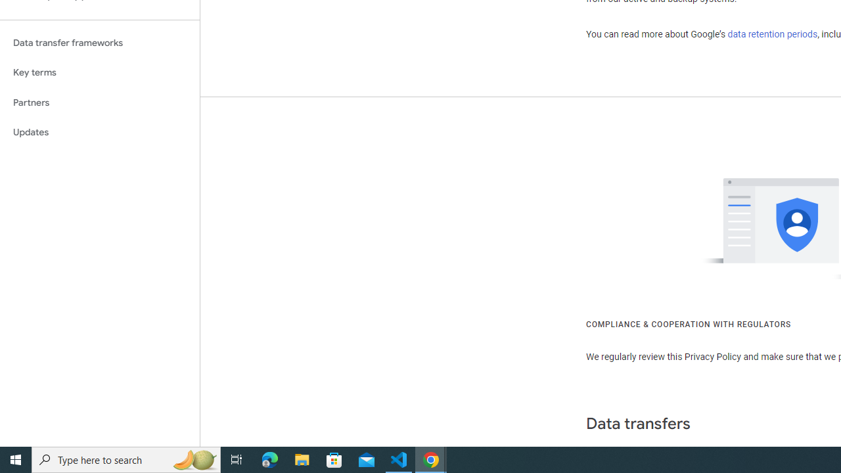  Describe the element at coordinates (16, 459) in the screenshot. I see `'Start'` at that location.